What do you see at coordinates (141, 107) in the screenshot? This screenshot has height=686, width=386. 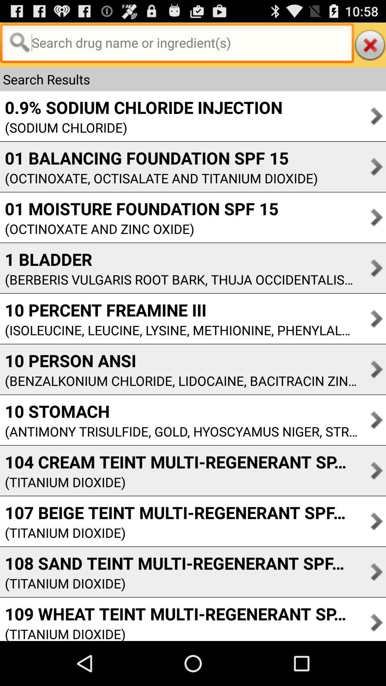 I see `the 0 9 sodium` at bounding box center [141, 107].